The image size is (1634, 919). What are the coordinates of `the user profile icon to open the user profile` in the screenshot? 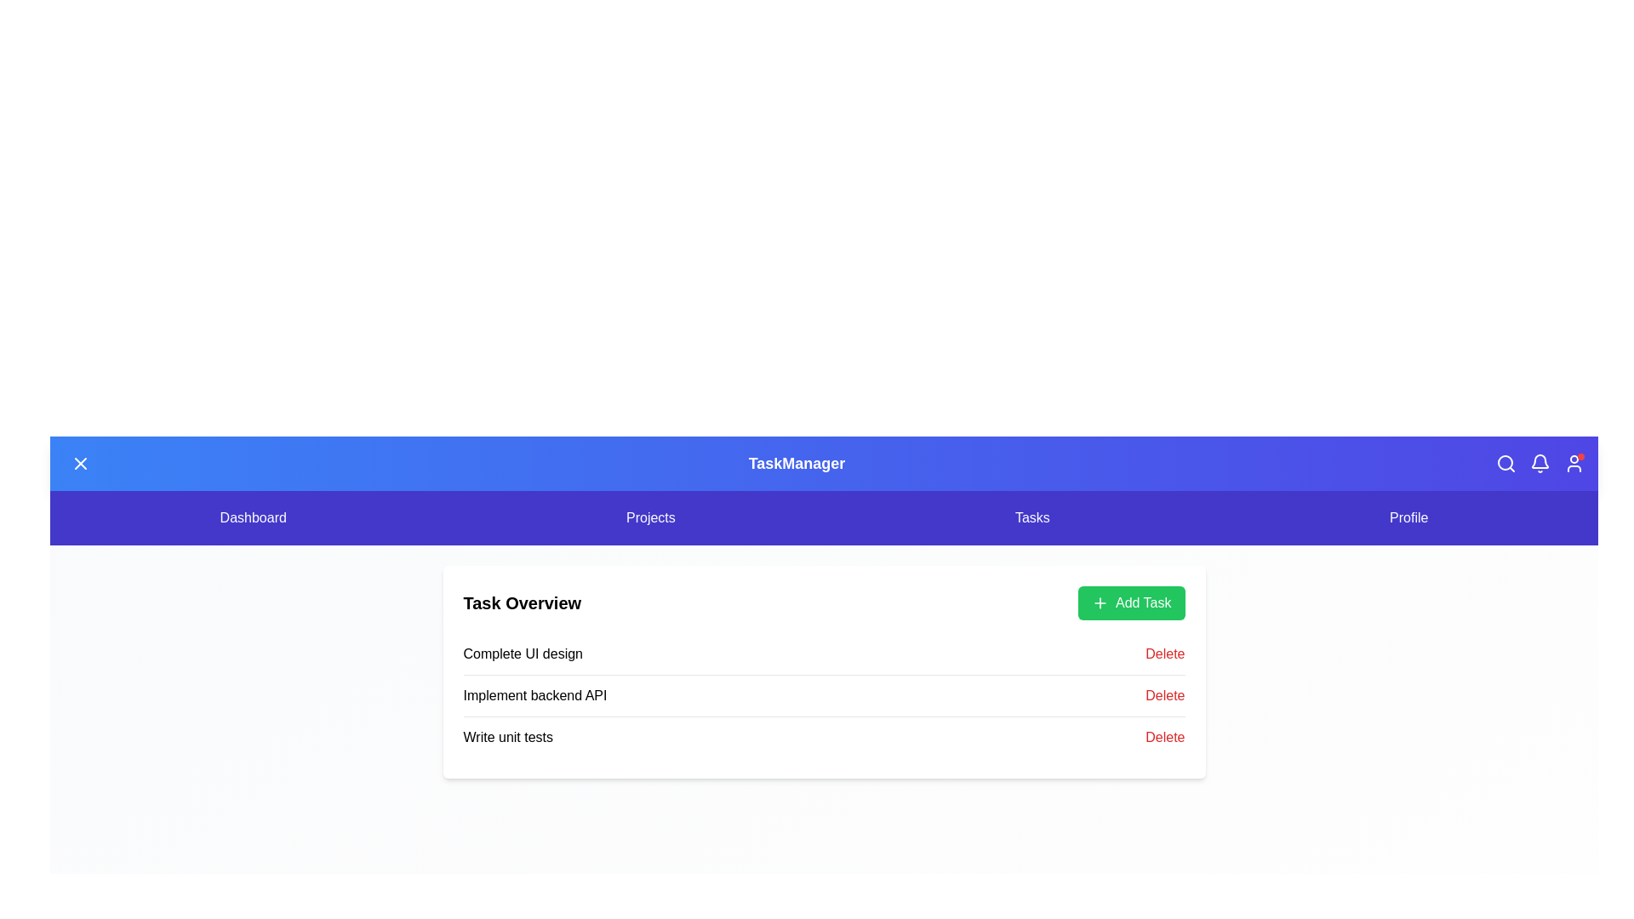 It's located at (1573, 463).